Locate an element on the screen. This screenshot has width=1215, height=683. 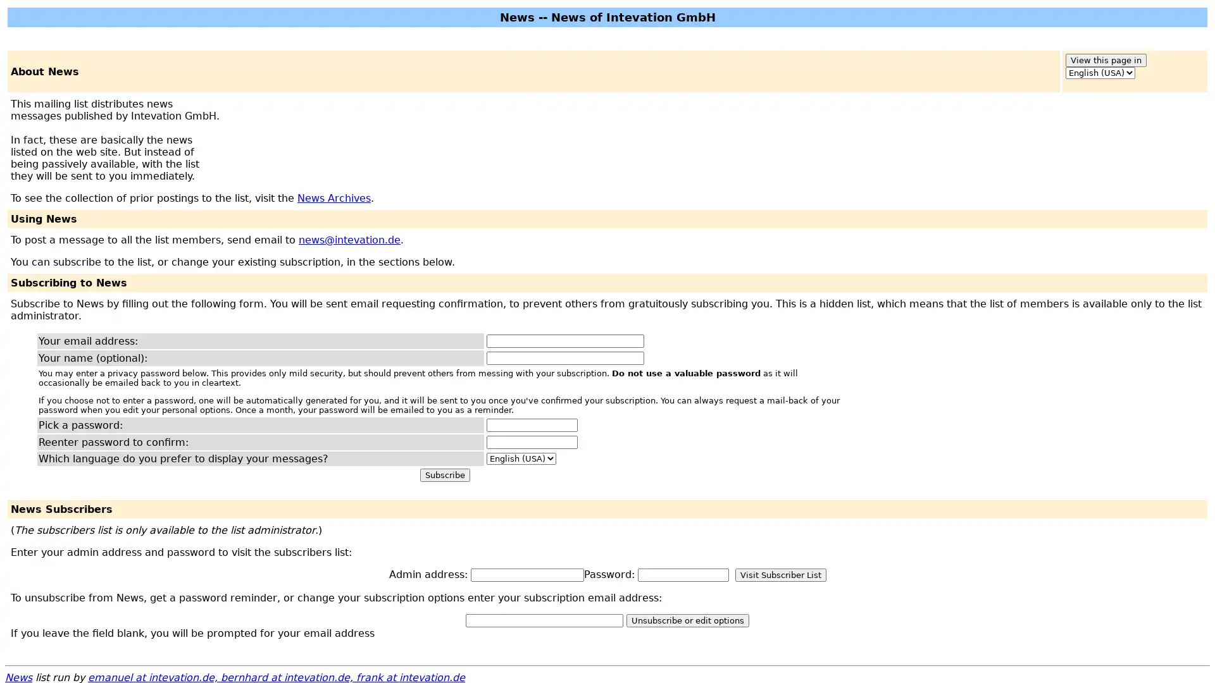
Visit Subscriber List is located at coordinates (780, 575).